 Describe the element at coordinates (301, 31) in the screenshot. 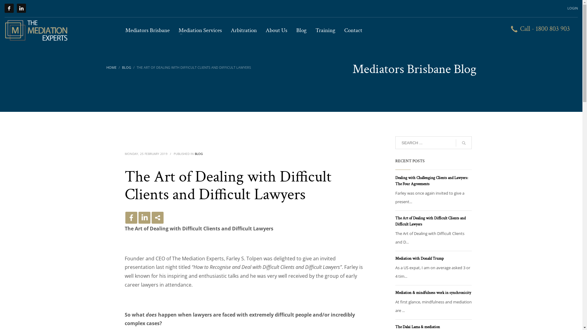

I see `'Blog'` at that location.